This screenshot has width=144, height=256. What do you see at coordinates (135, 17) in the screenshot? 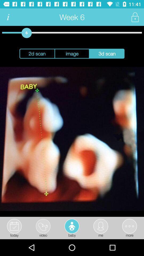
I see `the item to the right of week 6 item` at bounding box center [135, 17].